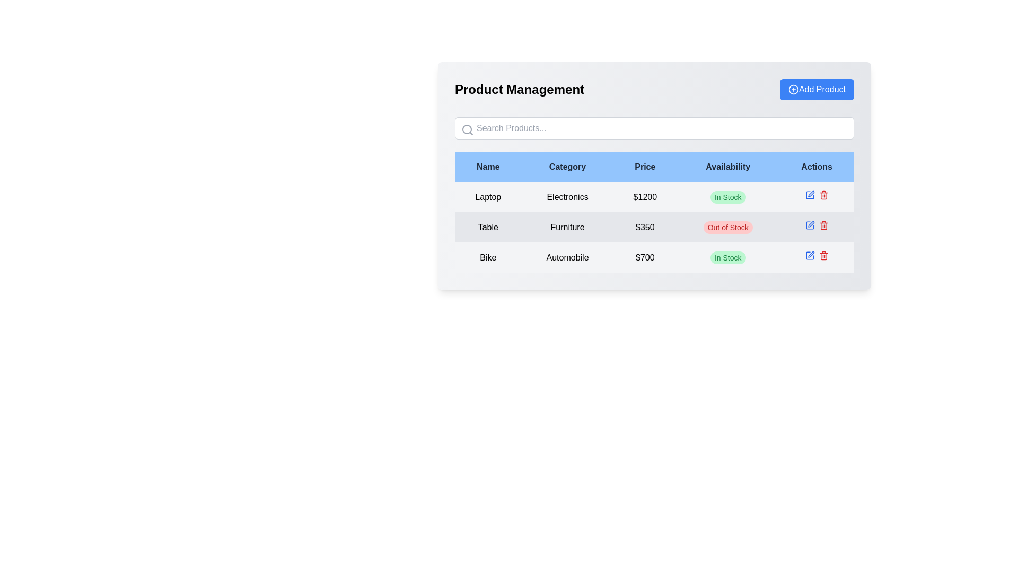 Image resolution: width=1018 pixels, height=573 pixels. Describe the element at coordinates (810, 194) in the screenshot. I see `the edit icon shaped like a pen or pencil located in the 'Actions' column of the third row corresponding to the 'Bike' product` at that location.